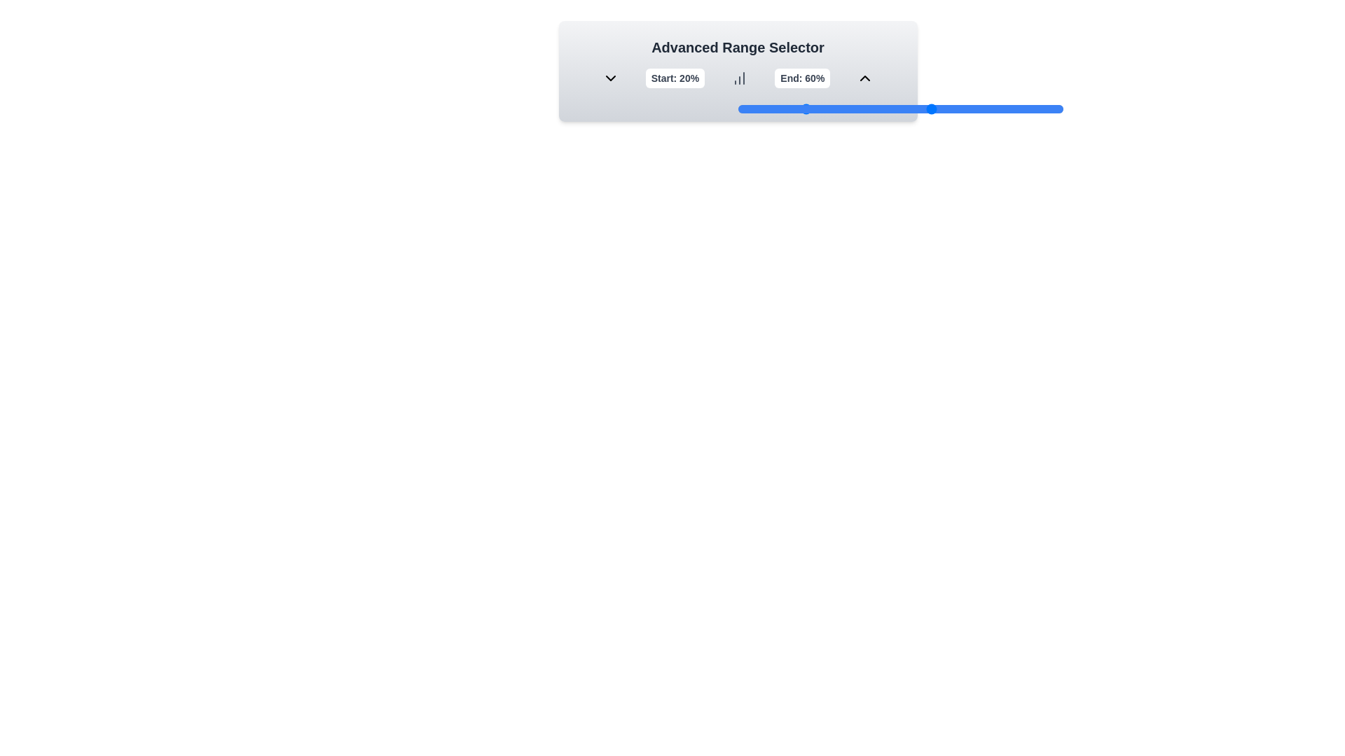 This screenshot has height=756, width=1345. What do you see at coordinates (610, 78) in the screenshot?
I see `the ChevronDown icon` at bounding box center [610, 78].